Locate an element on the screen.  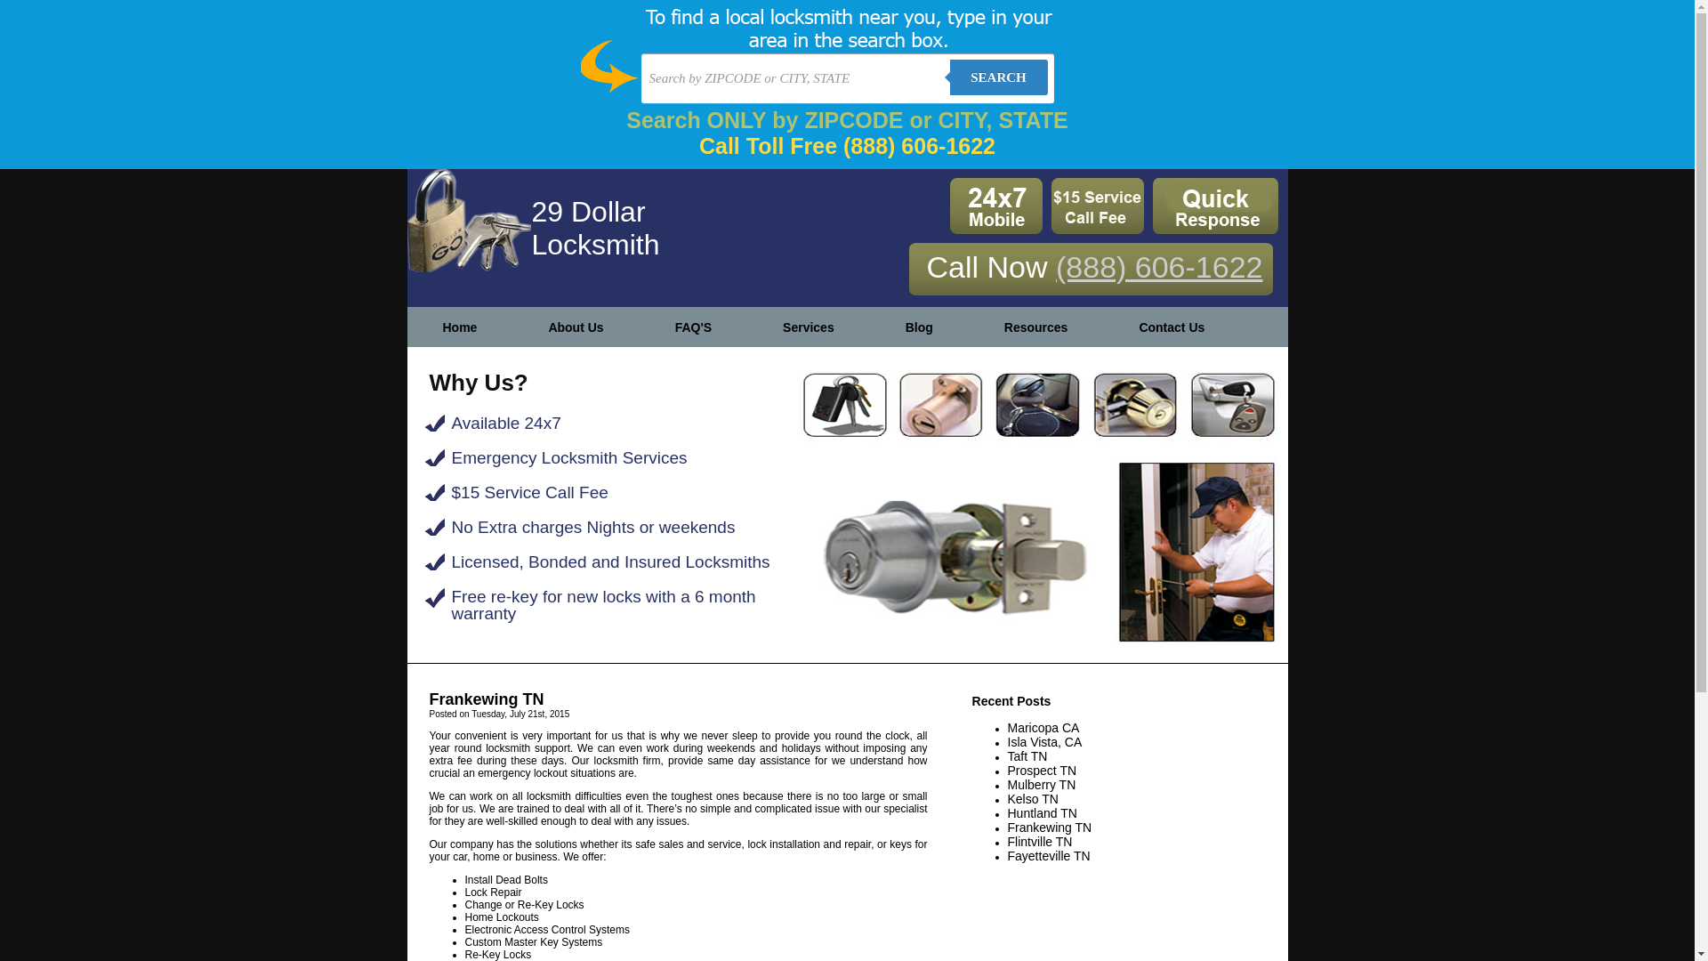
'Kelso TN' is located at coordinates (1007, 798).